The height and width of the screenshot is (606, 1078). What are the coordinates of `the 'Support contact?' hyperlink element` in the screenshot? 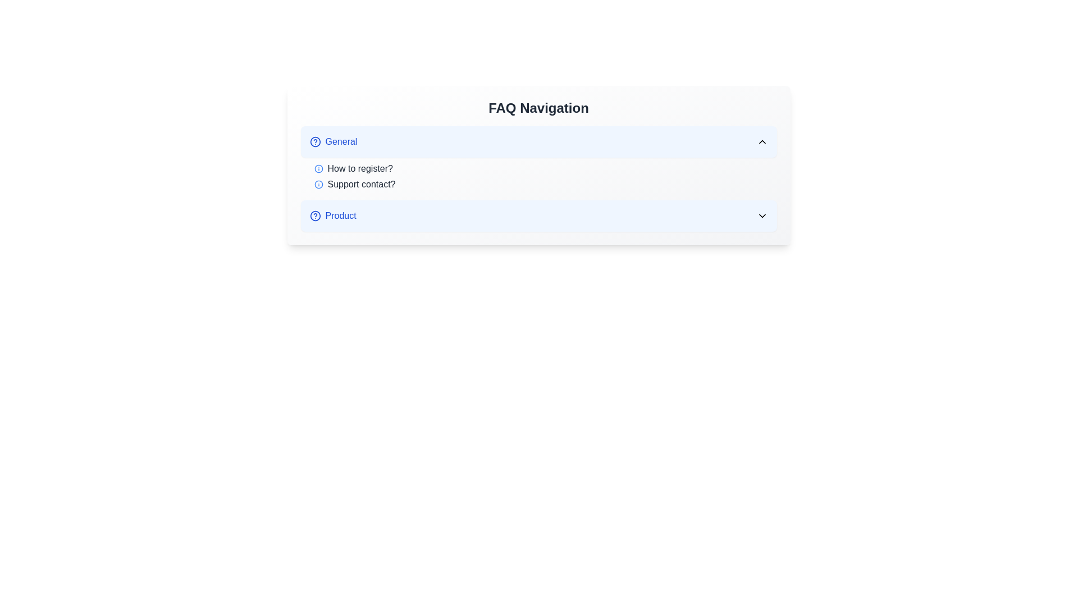 It's located at (361, 183).